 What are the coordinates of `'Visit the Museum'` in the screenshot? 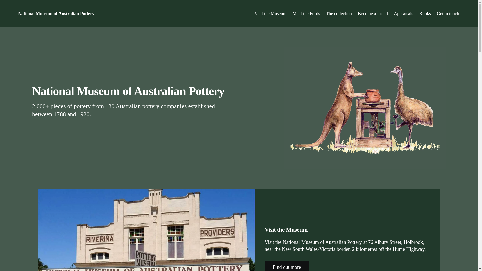 It's located at (270, 13).